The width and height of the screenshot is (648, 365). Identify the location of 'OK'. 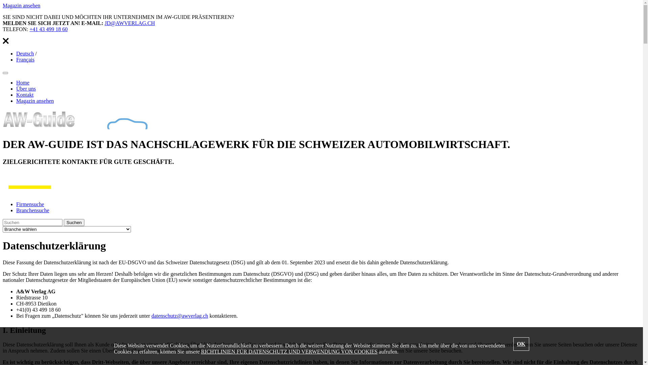
(521, 344).